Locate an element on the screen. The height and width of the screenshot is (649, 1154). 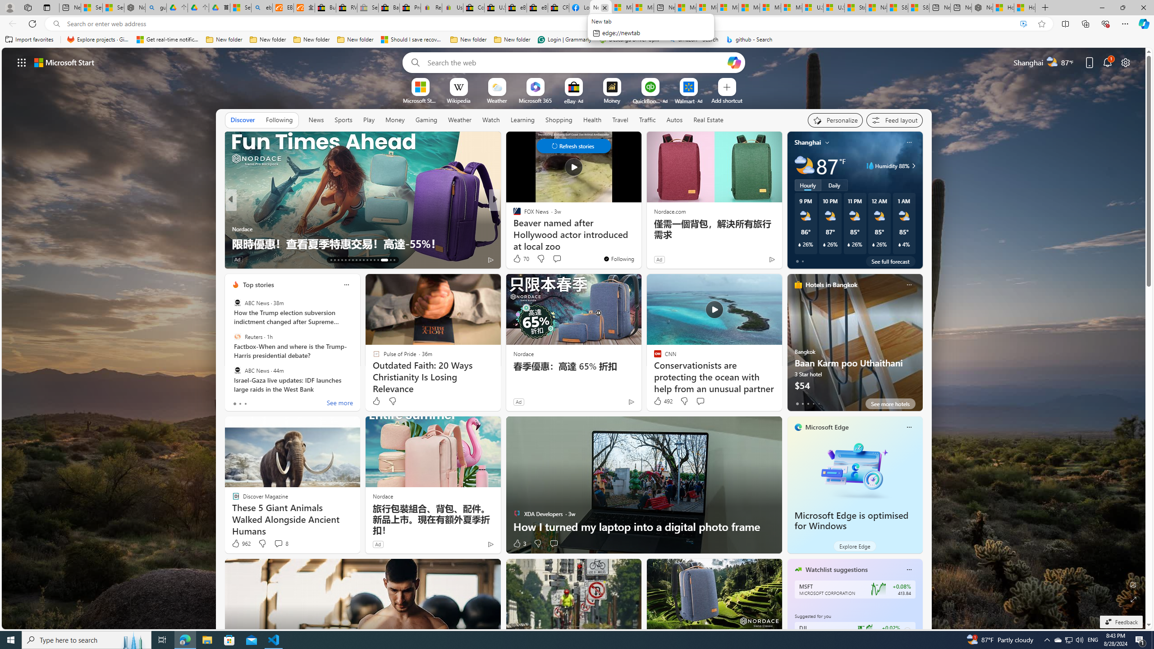
'Travel' is located at coordinates (620, 119).